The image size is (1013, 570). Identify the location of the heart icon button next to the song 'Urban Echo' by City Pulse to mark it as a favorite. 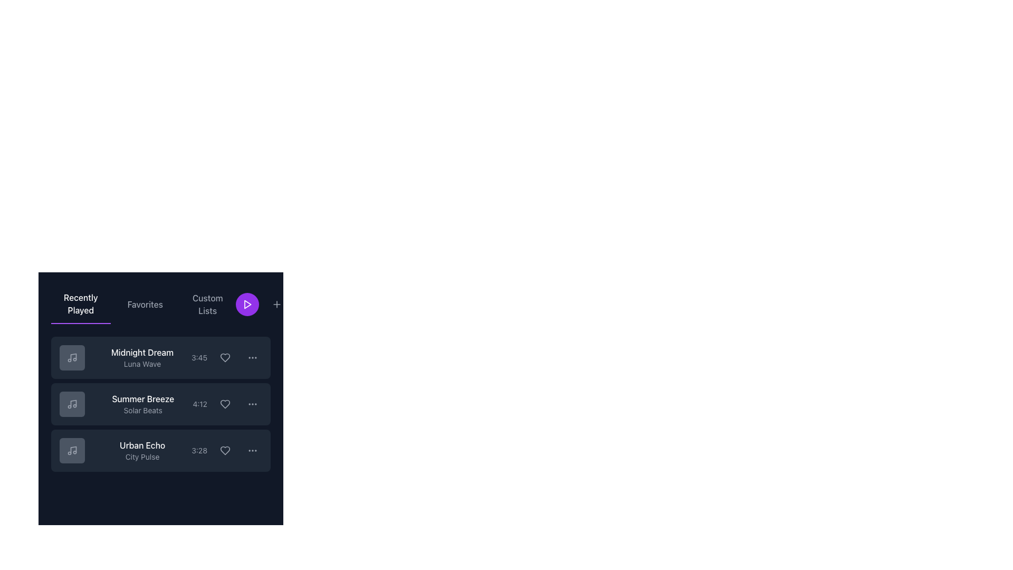
(225, 450).